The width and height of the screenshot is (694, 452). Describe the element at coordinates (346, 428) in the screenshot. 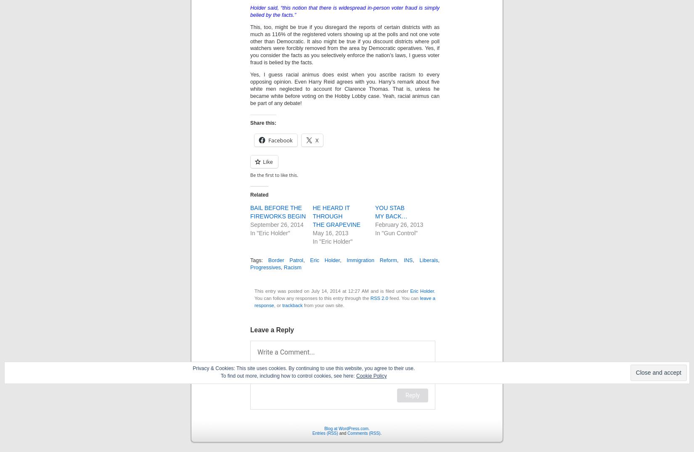

I see `'Blog at WordPress.com.'` at that location.